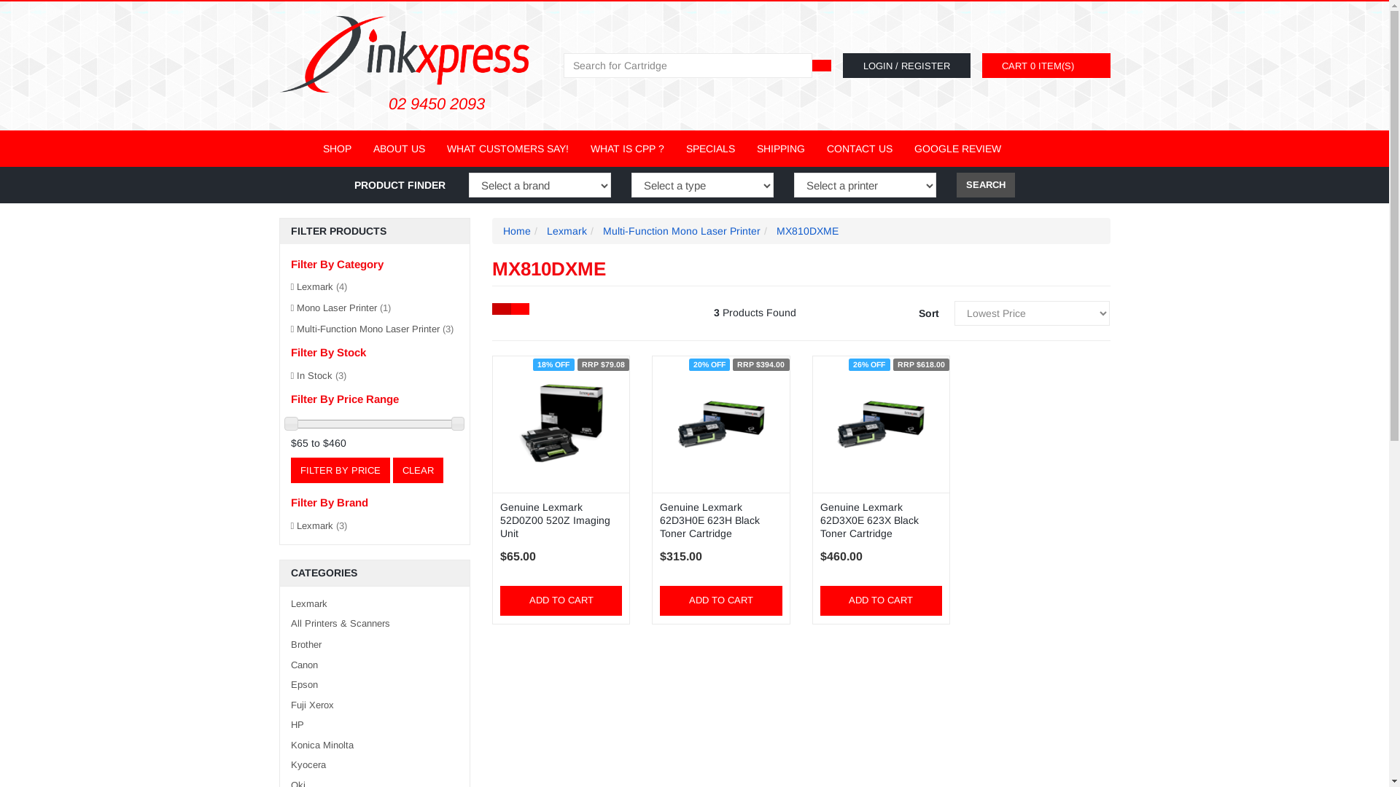 This screenshot has height=787, width=1400. Describe the element at coordinates (280, 604) in the screenshot. I see `'Lexmark'` at that location.